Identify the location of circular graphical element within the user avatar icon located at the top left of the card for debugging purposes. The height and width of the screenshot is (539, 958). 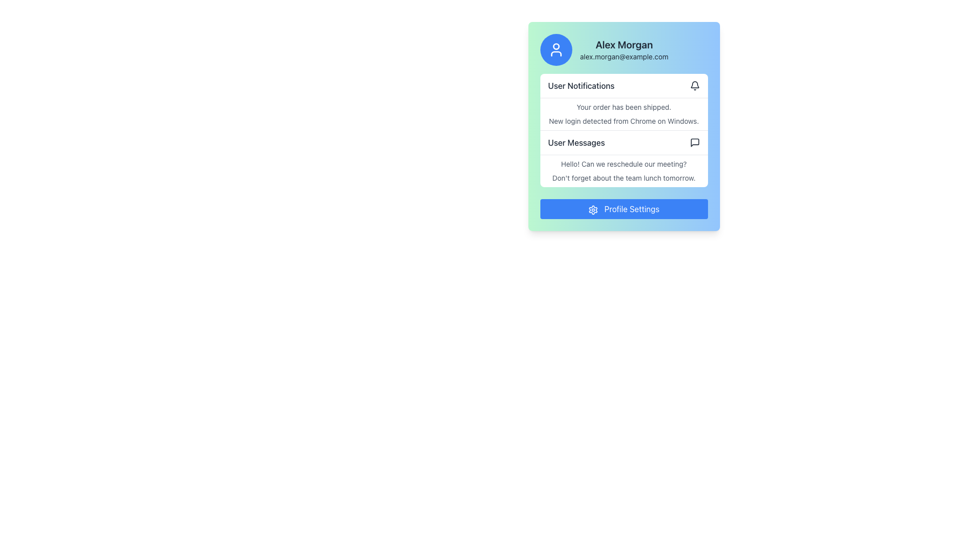
(555, 46).